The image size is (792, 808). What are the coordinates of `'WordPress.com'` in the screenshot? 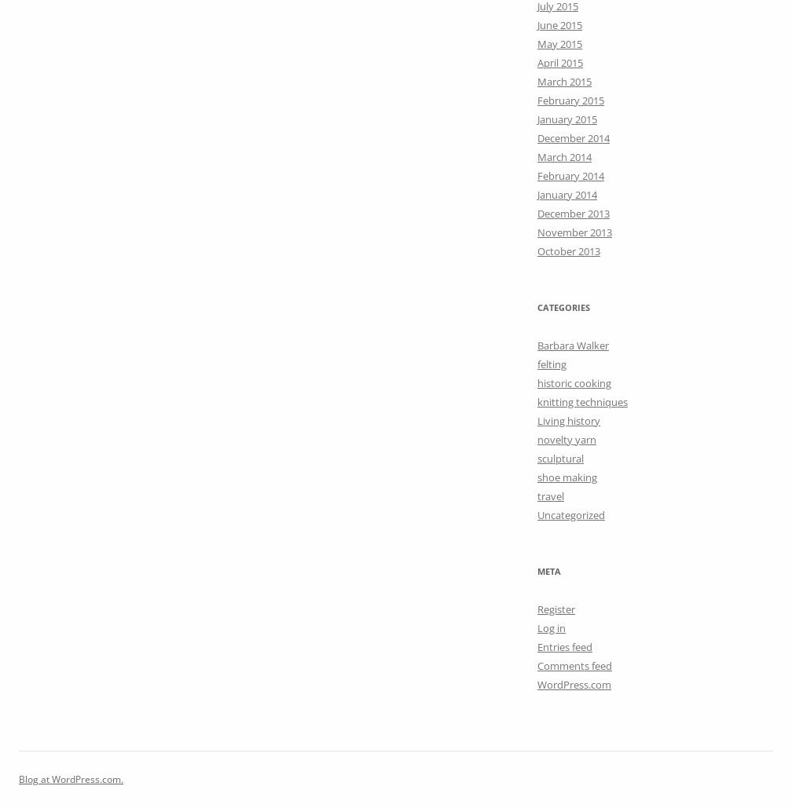 It's located at (574, 683).